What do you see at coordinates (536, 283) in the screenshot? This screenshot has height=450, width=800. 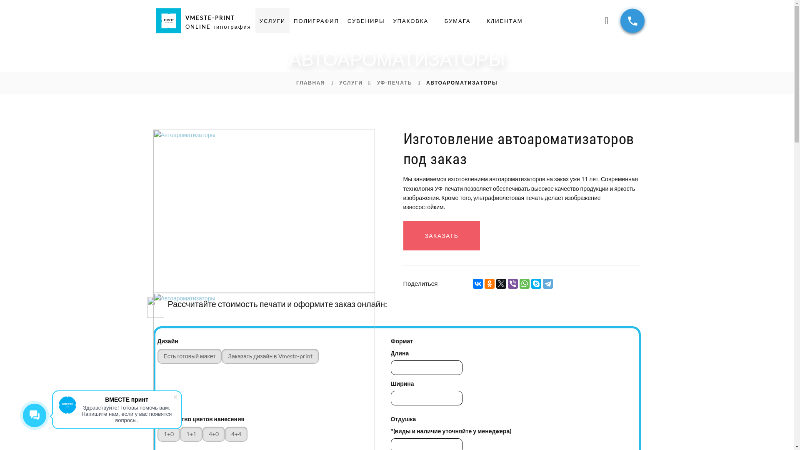 I see `'Skype'` at bounding box center [536, 283].